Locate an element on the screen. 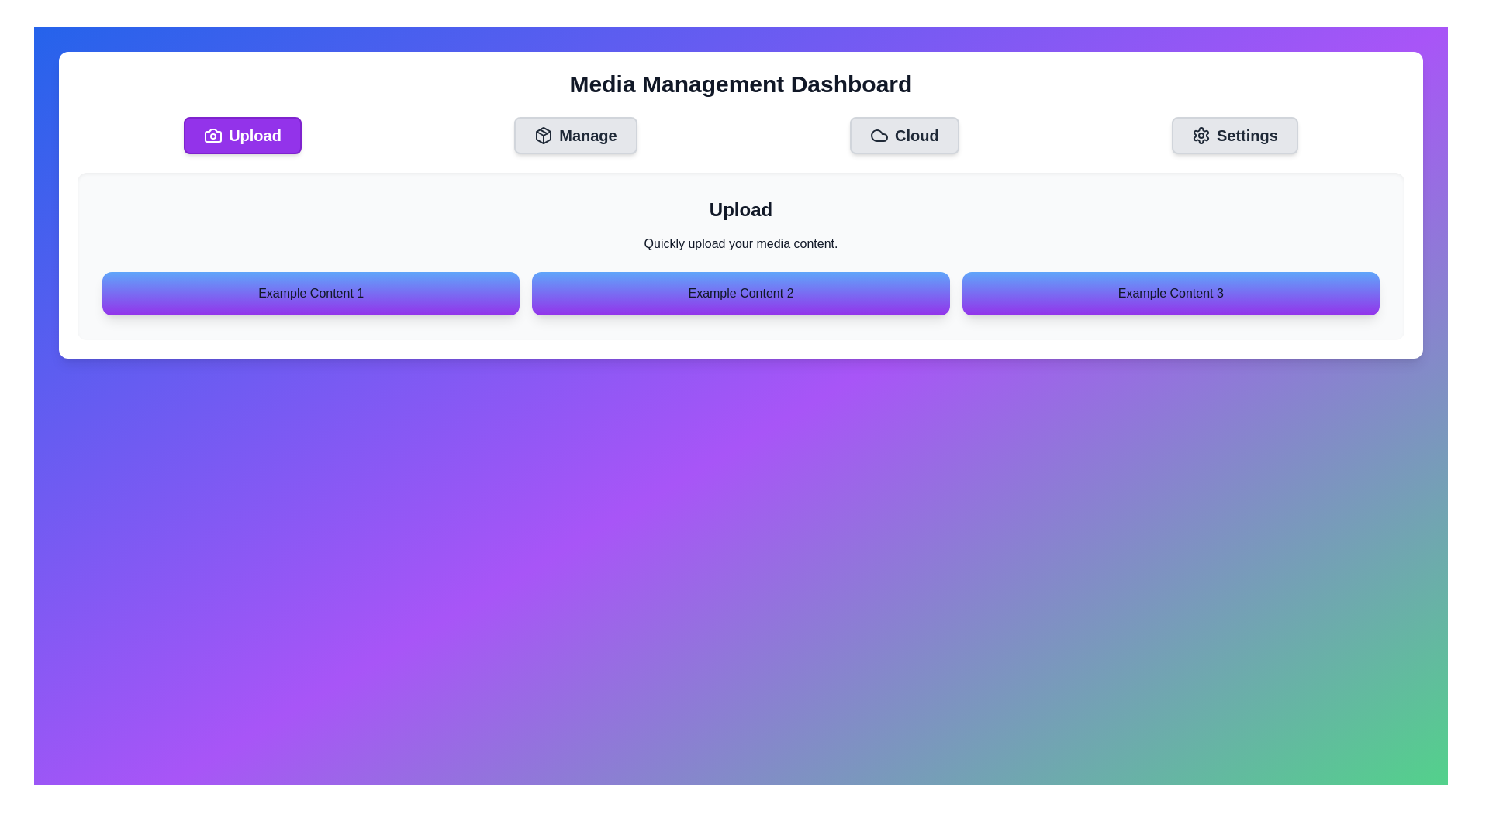 The width and height of the screenshot is (1489, 837). the Upload tab by clicking its corresponding button is located at coordinates (241, 134).